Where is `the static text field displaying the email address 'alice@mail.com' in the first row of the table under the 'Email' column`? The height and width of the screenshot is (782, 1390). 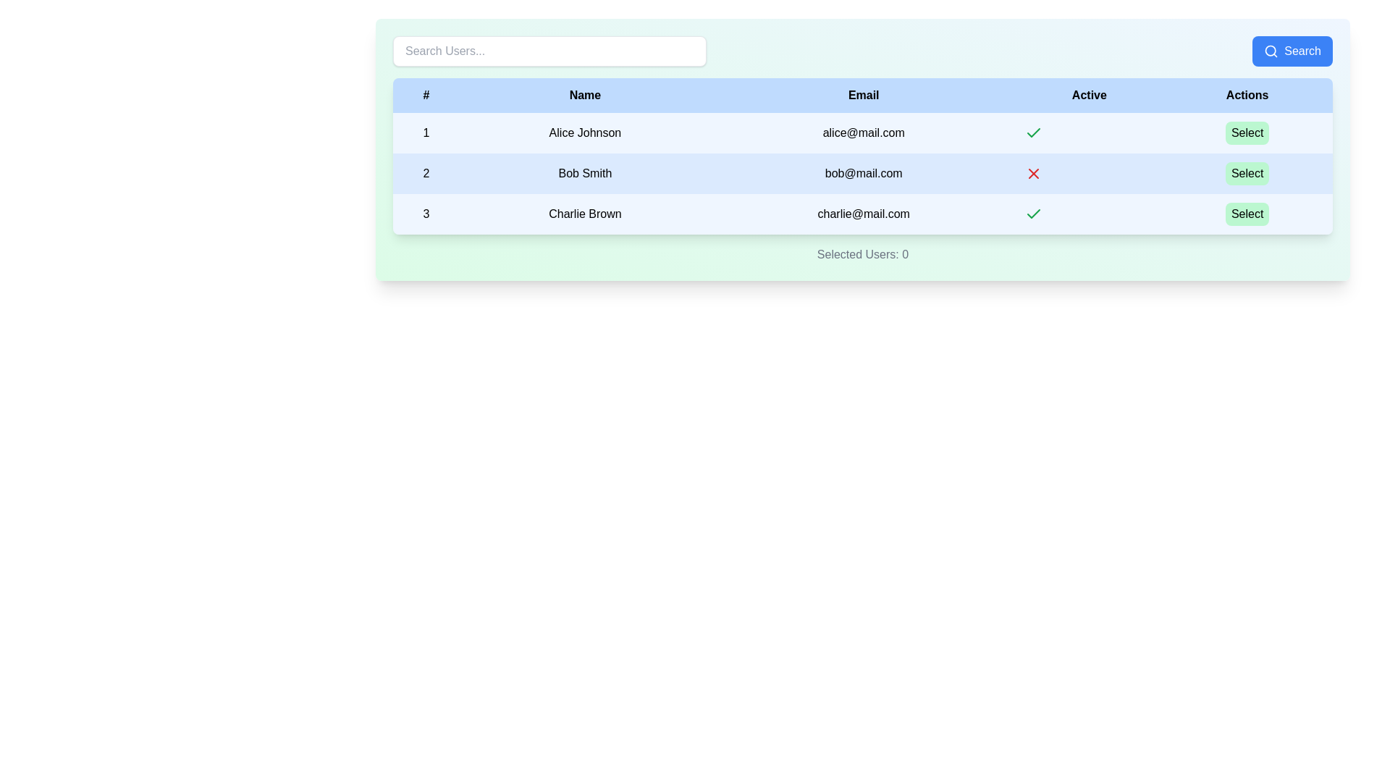 the static text field displaying the email address 'alice@mail.com' in the first row of the table under the 'Email' column is located at coordinates (864, 133).